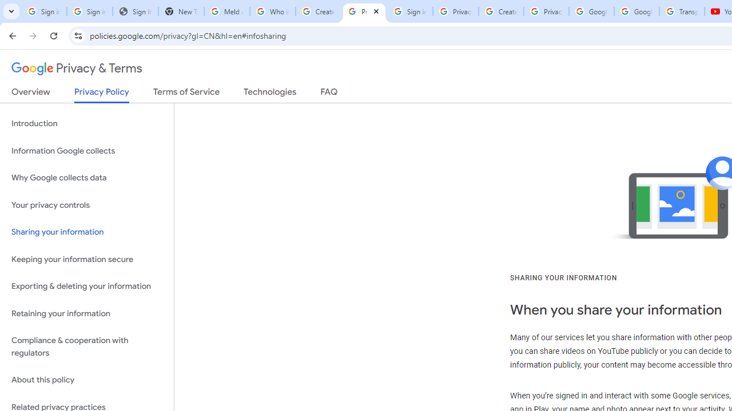 The height and width of the screenshot is (411, 732). Describe the element at coordinates (86, 346) in the screenshot. I see `'Compliance & cooperation with regulators'` at that location.